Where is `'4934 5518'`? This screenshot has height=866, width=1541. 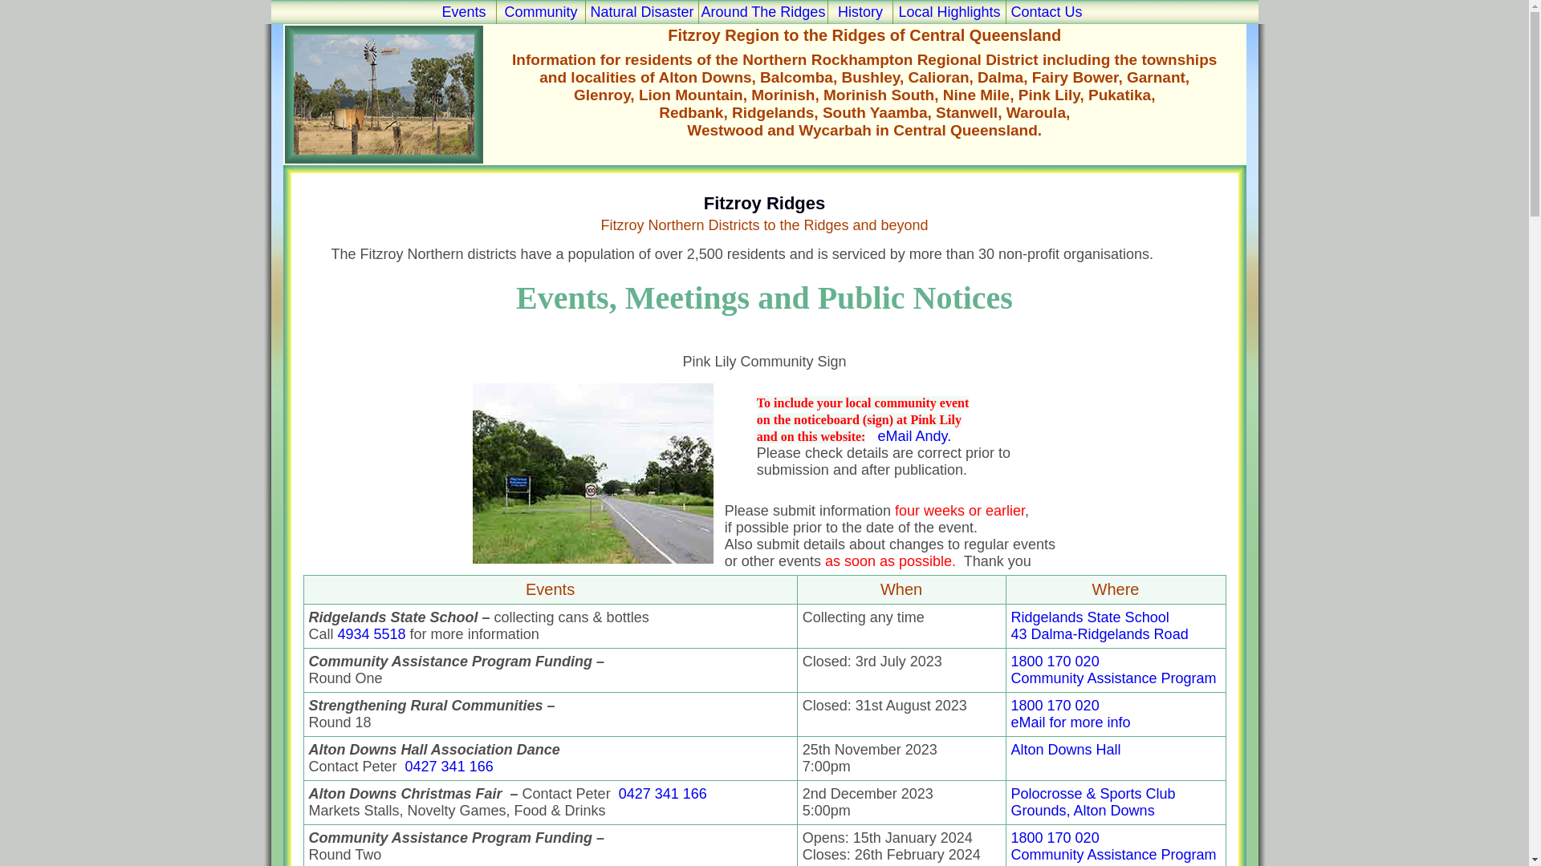
'4934 5518' is located at coordinates (371, 633).